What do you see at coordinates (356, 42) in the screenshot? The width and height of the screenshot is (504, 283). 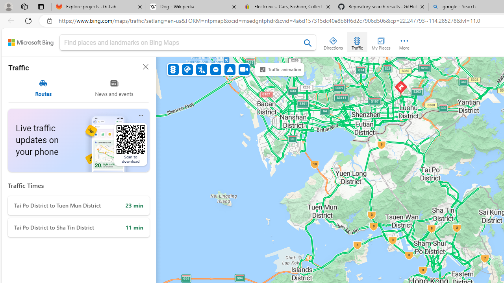 I see `'Traffic'` at bounding box center [356, 42].